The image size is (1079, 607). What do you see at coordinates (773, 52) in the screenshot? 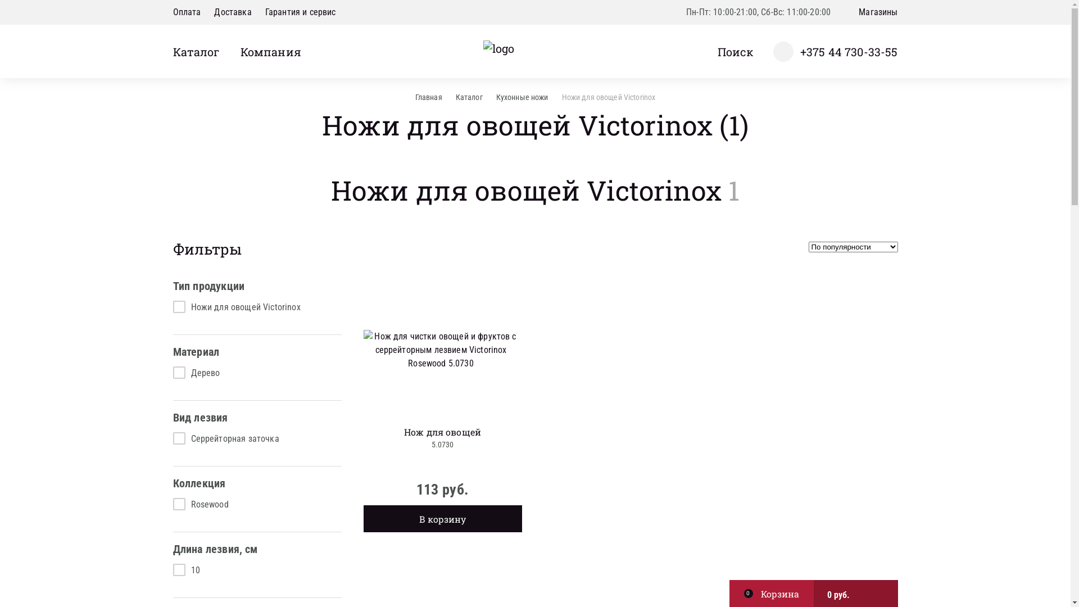
I see `'+375 44 730-33-55'` at bounding box center [773, 52].